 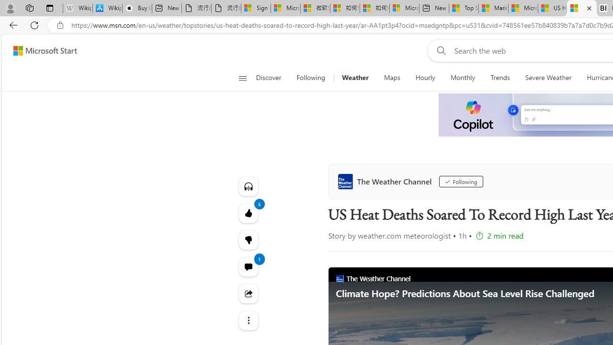 I want to click on 'Hourly', so click(x=424, y=78).